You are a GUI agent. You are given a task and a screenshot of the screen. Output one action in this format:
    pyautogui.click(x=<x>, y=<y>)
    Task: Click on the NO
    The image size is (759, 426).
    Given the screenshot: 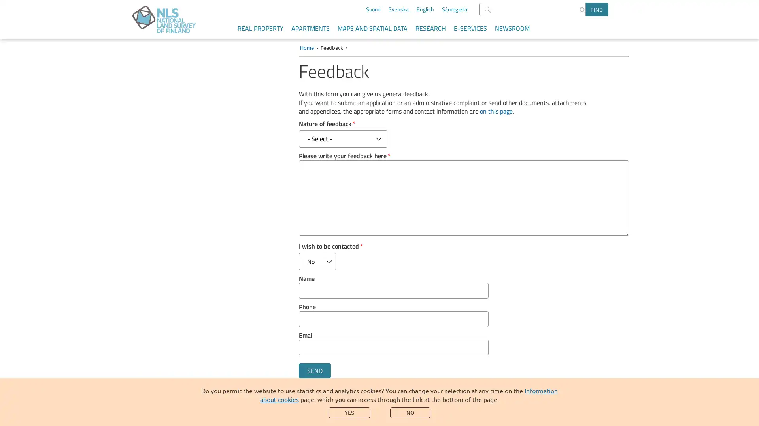 What is the action you would take?
    pyautogui.click(x=410, y=412)
    